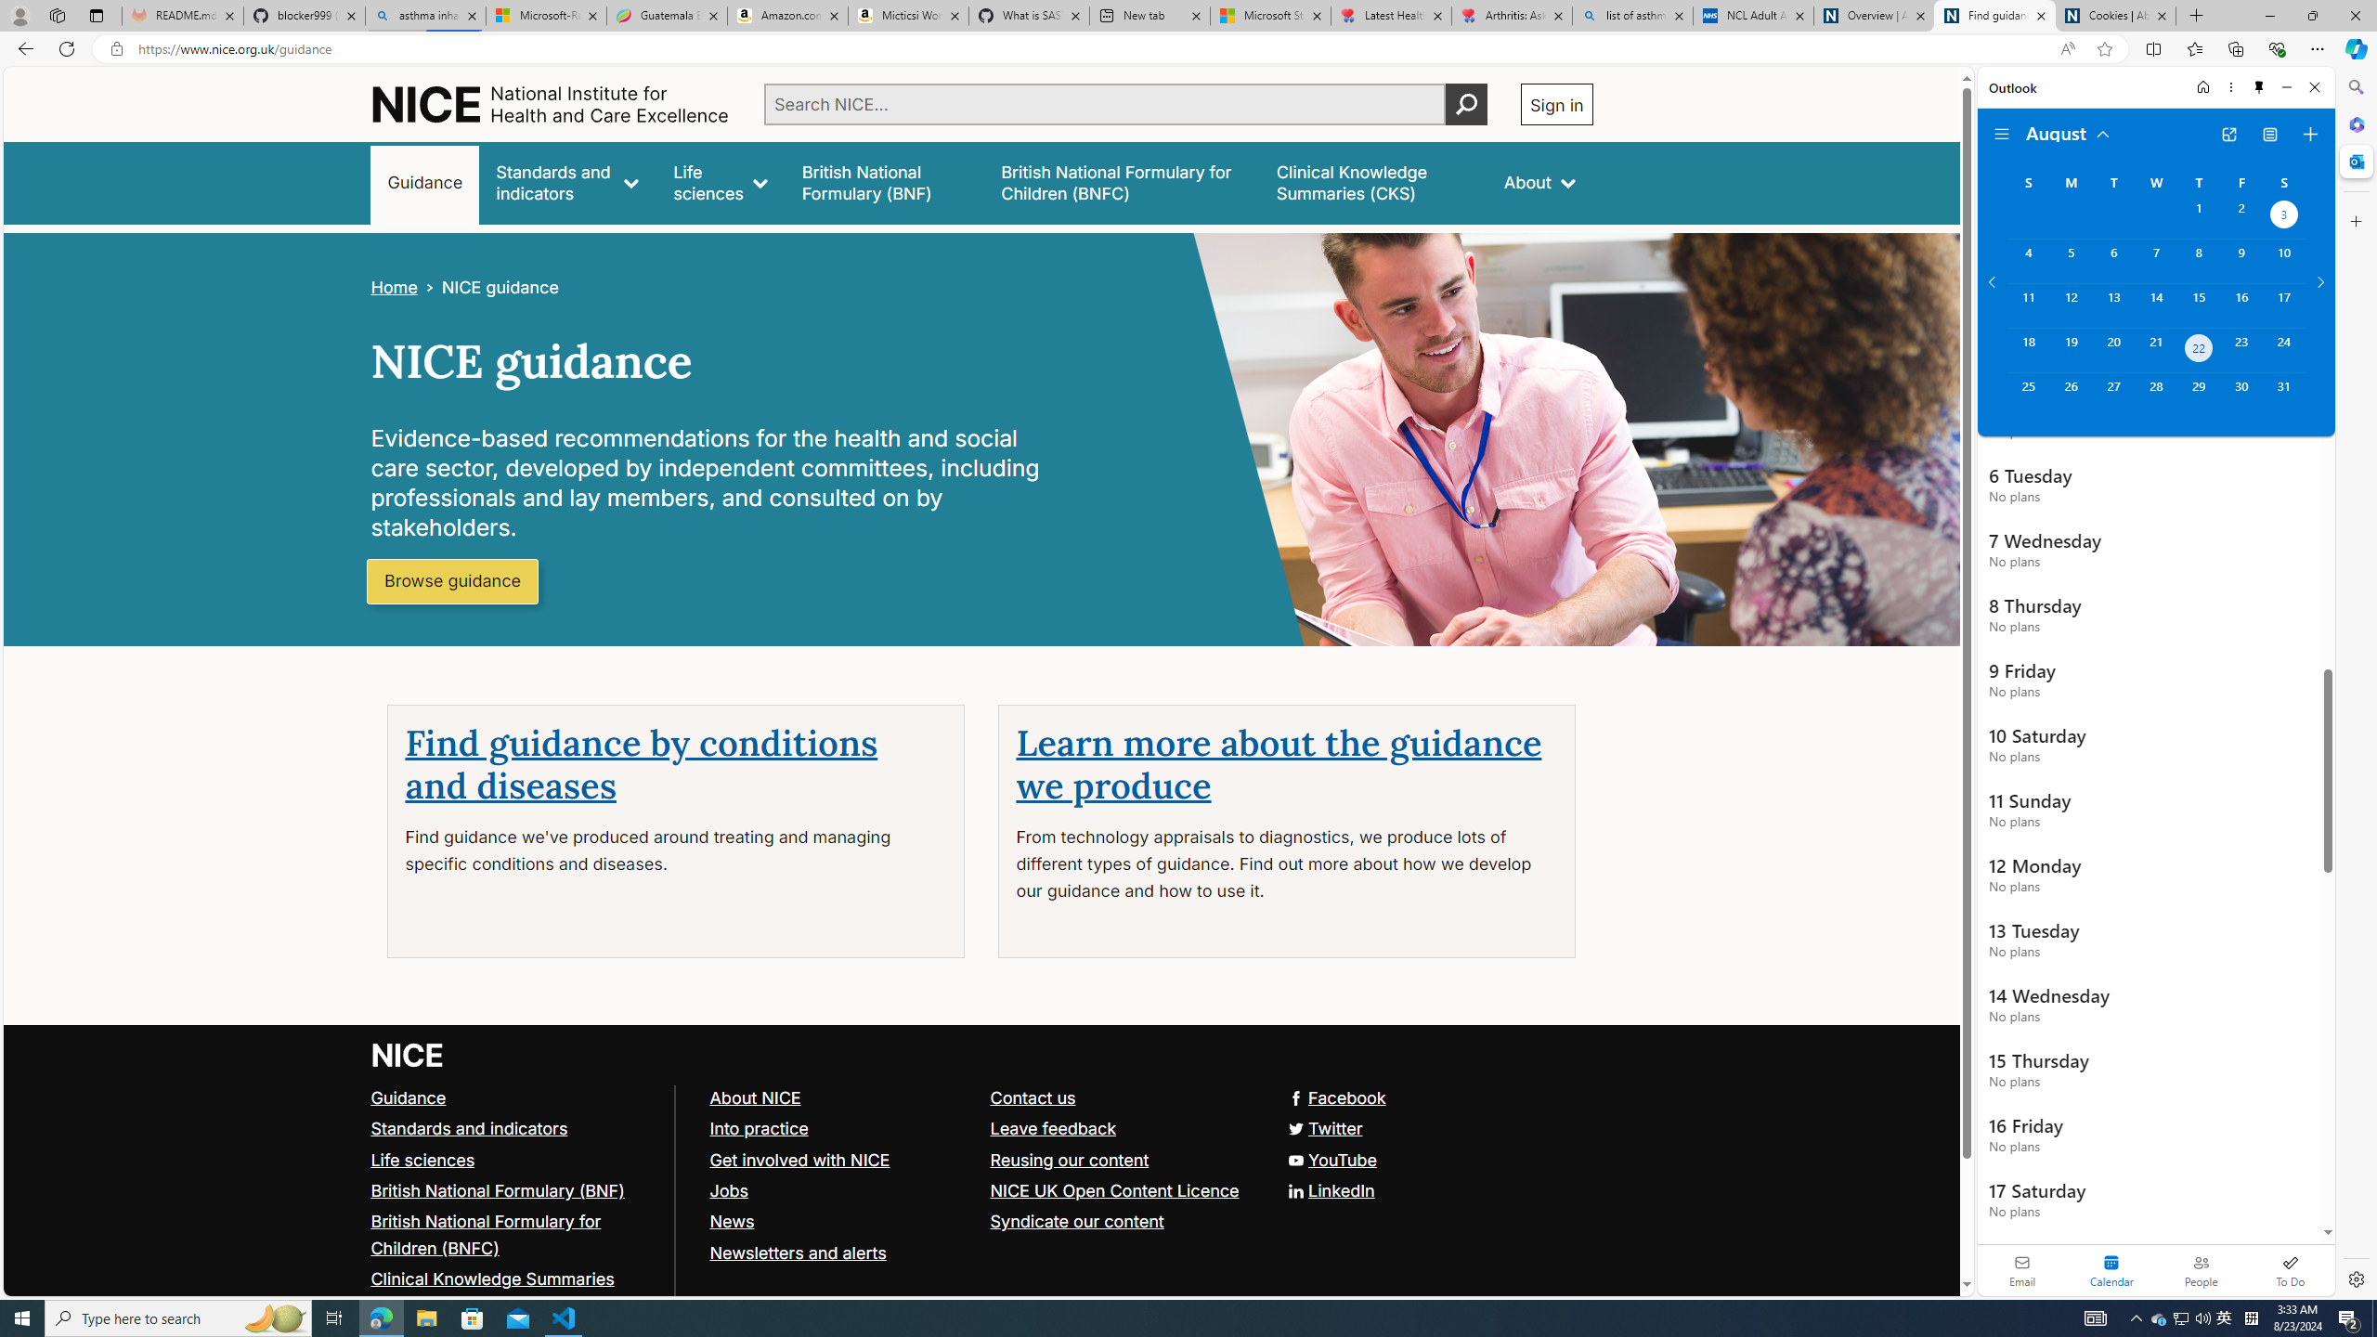  What do you see at coordinates (2241, 305) in the screenshot?
I see `'Friday, August 16, 2024. '` at bounding box center [2241, 305].